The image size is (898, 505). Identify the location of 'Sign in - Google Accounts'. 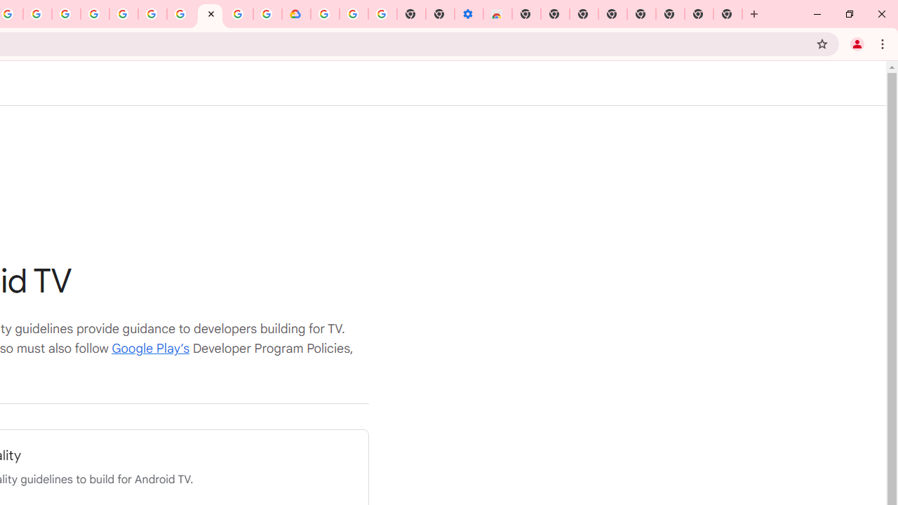
(324, 14).